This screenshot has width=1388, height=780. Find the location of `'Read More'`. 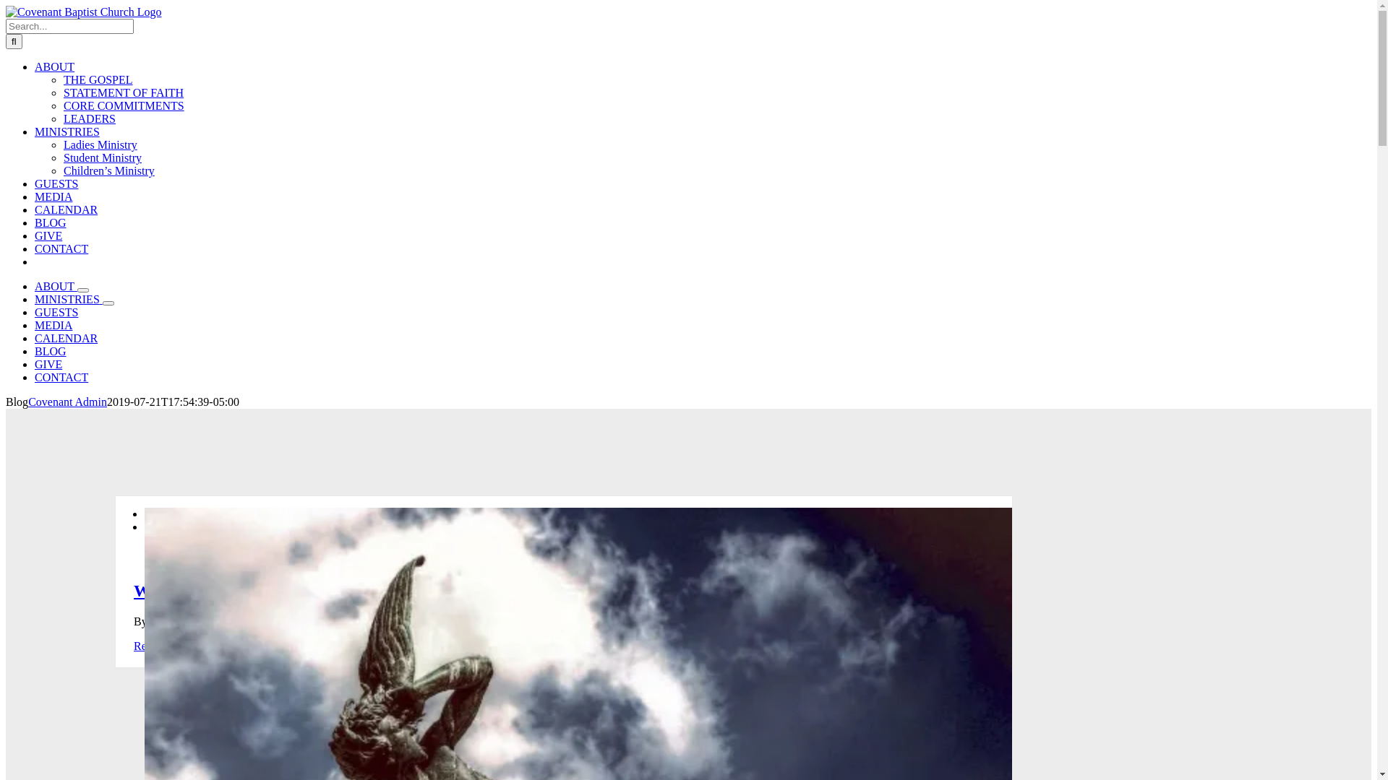

'Read More' is located at coordinates (159, 645).